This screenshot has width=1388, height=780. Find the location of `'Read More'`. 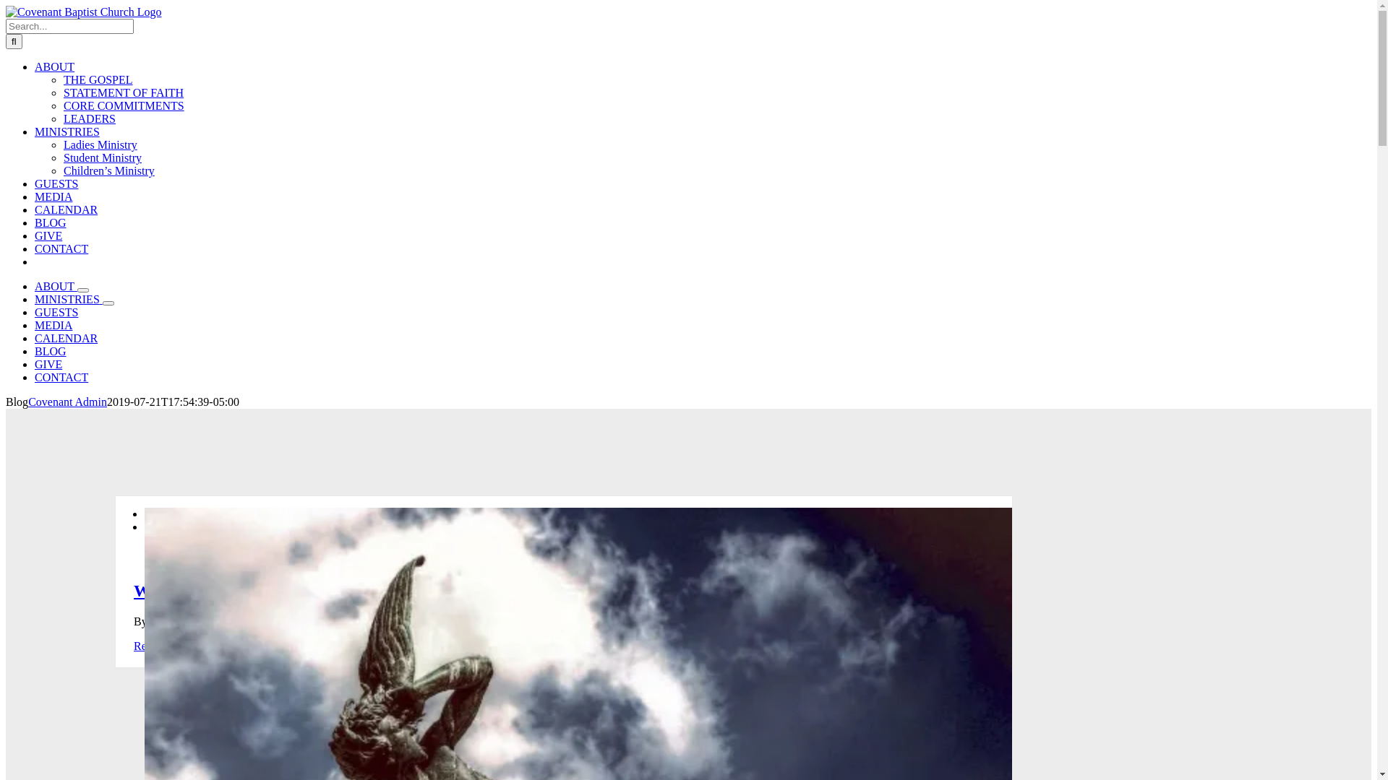

'Read More' is located at coordinates (159, 645).